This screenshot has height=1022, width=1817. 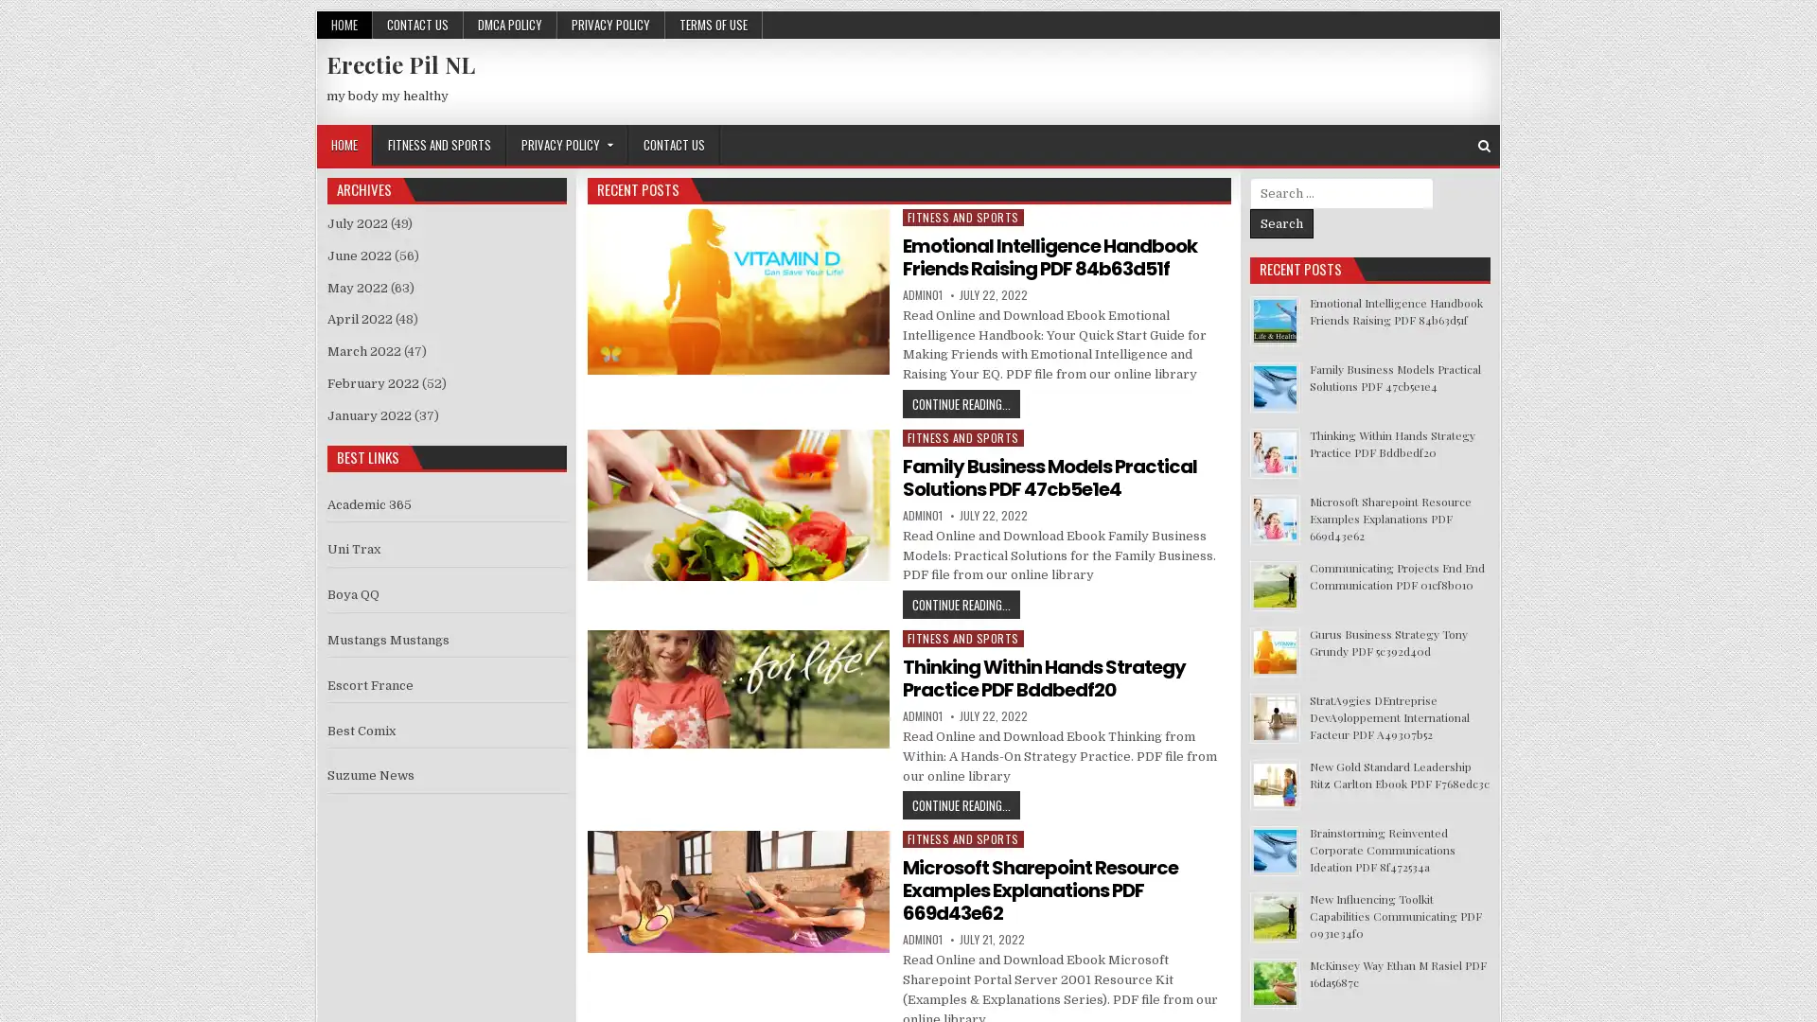 I want to click on Search, so click(x=1281, y=222).